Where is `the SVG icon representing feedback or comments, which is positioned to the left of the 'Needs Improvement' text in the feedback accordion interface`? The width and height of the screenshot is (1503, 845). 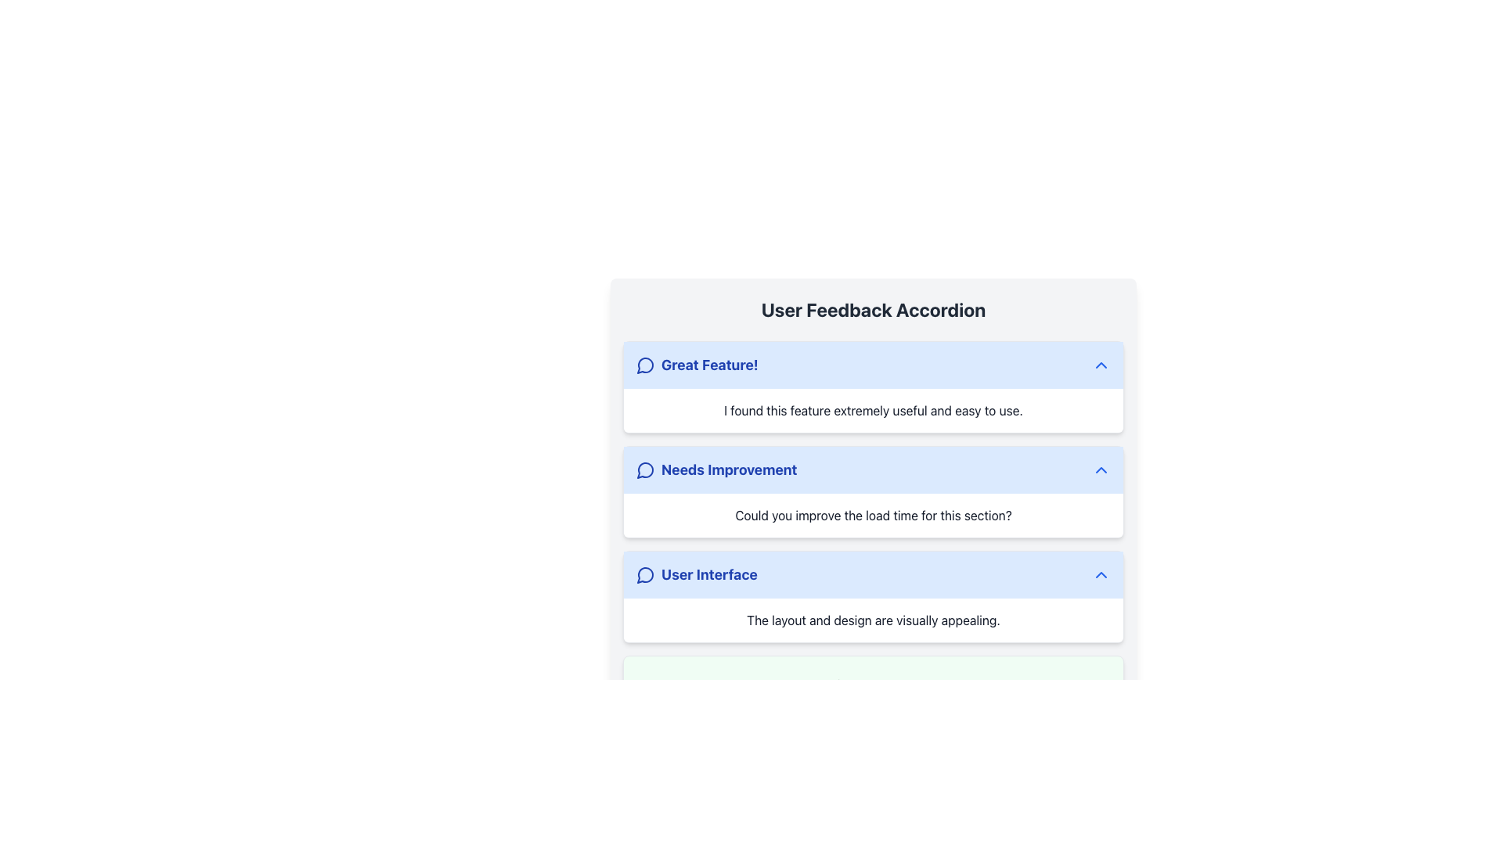 the SVG icon representing feedback or comments, which is positioned to the left of the 'Needs Improvement' text in the feedback accordion interface is located at coordinates (646, 469).